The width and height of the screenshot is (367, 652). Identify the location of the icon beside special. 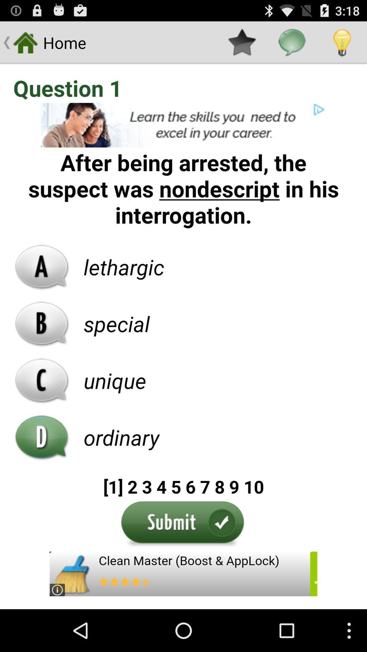
(42, 324).